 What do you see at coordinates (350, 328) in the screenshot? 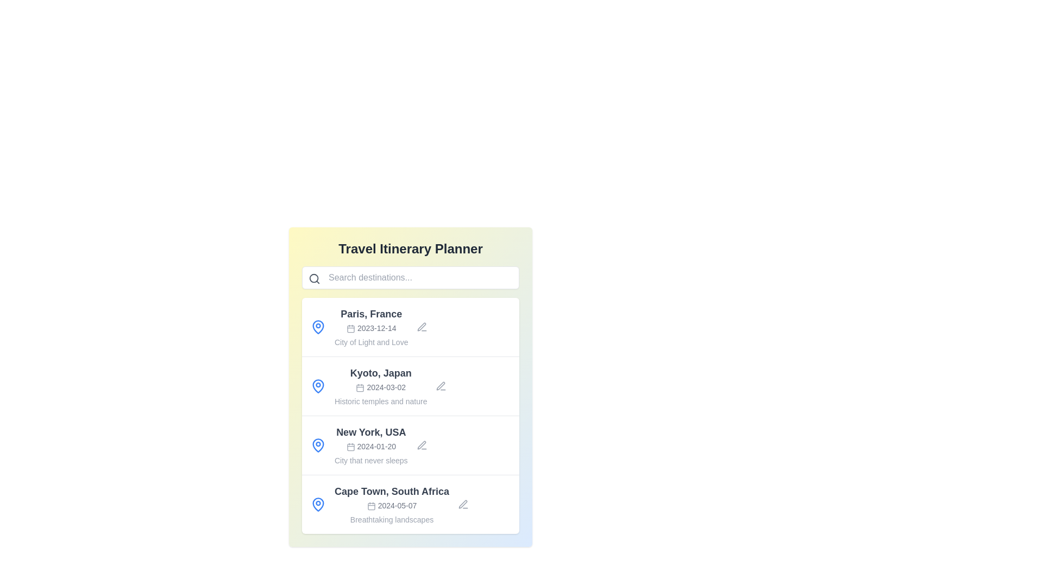
I see `the calendar icon associated with the date '2023-12-14' next to the entry for 'Paris, France'` at bounding box center [350, 328].